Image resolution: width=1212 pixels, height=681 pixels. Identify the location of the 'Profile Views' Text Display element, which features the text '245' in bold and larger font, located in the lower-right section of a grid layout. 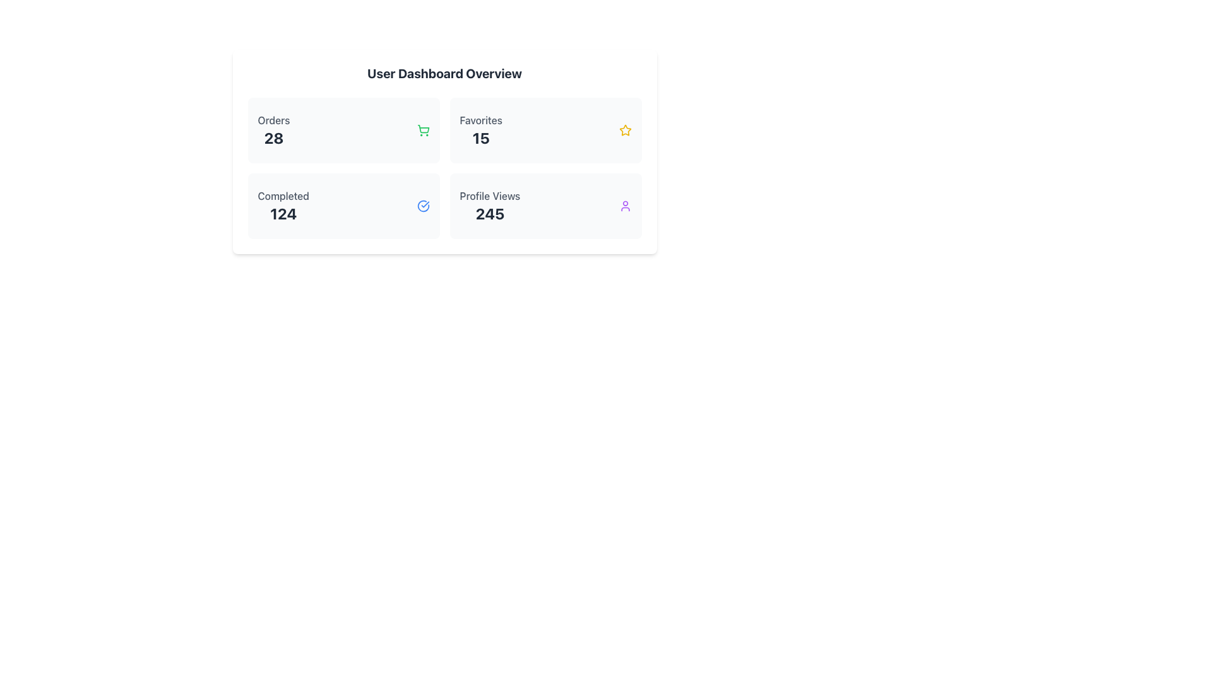
(489, 206).